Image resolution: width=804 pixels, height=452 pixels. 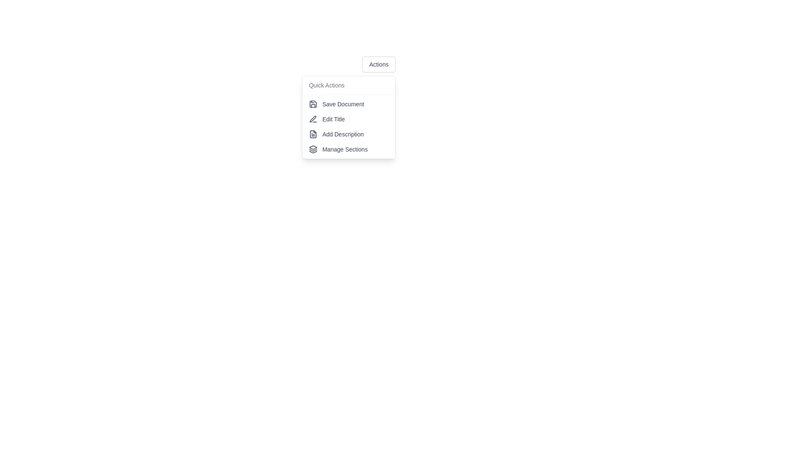 What do you see at coordinates (313, 149) in the screenshot?
I see `the small, stylized icon representing layered objects, which is located to the left of the 'Manage Sections' label in the dropdown menu` at bounding box center [313, 149].